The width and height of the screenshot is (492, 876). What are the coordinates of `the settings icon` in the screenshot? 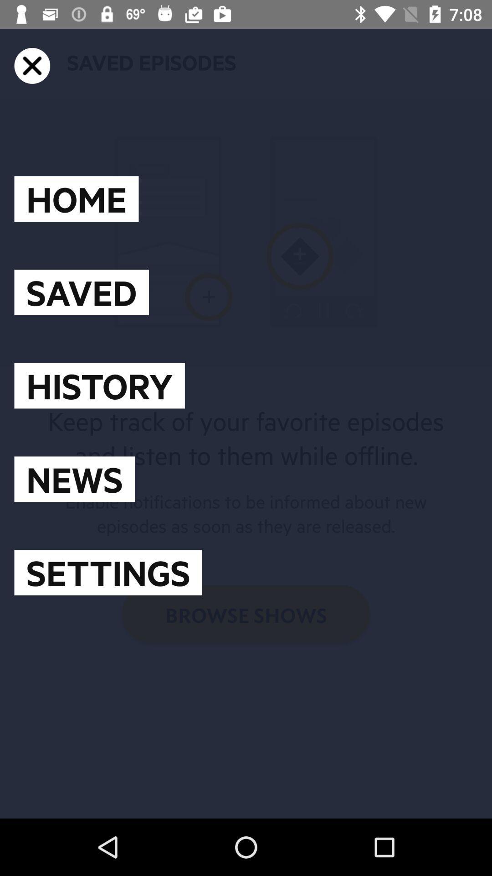 It's located at (108, 572).